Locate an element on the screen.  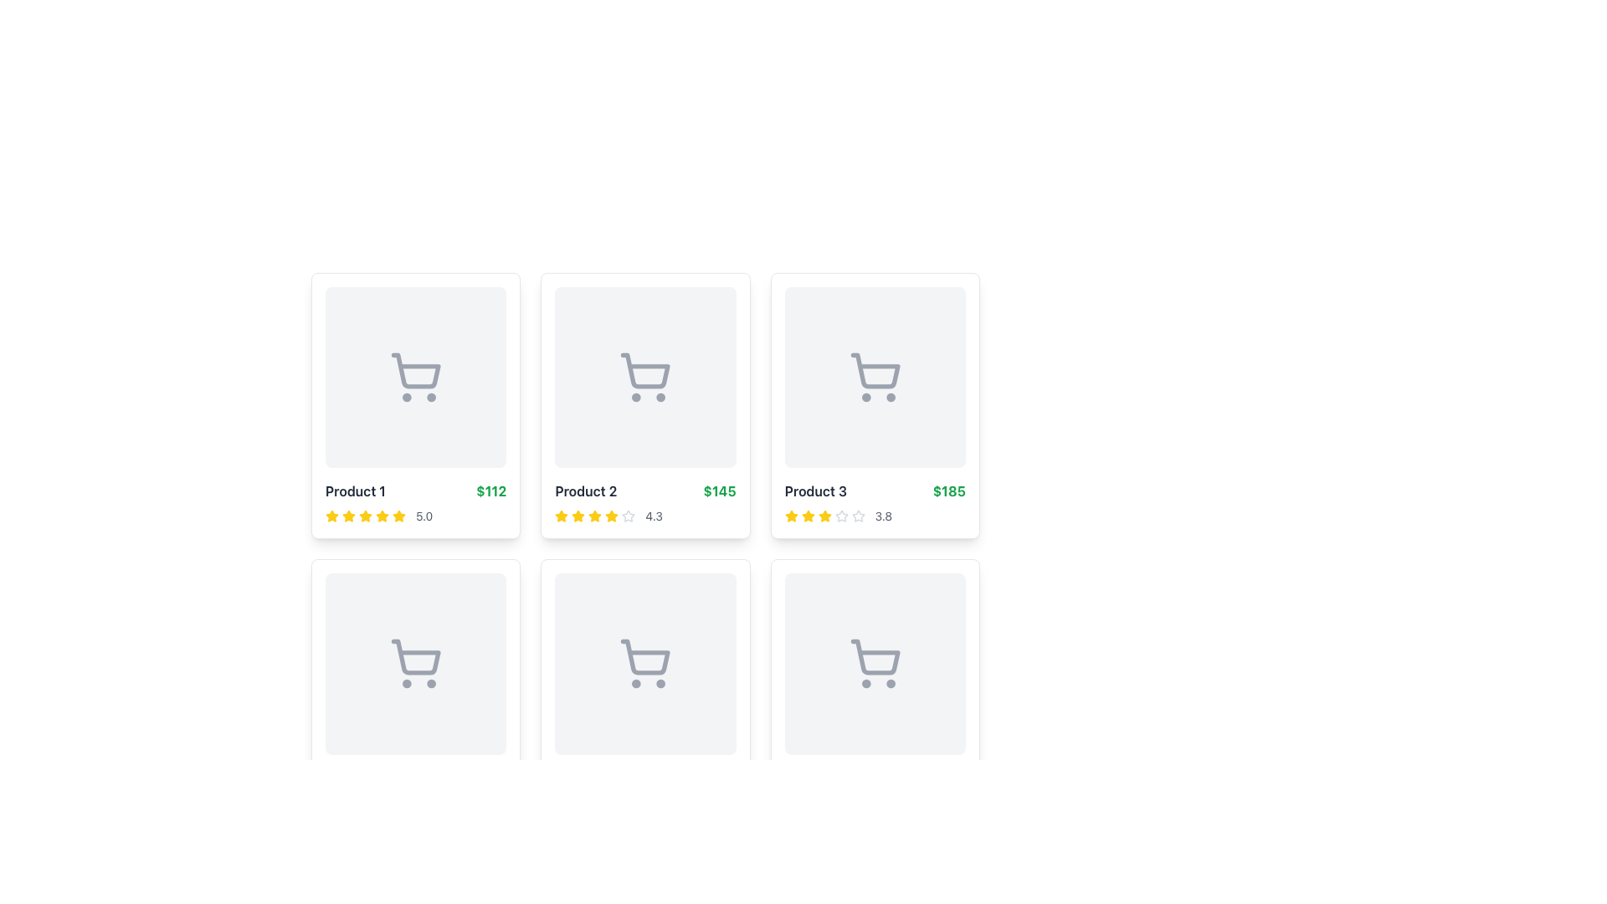
the third star icon in the rating display for 'Product 3', which visually represents its rating value out of five is located at coordinates (808, 516).